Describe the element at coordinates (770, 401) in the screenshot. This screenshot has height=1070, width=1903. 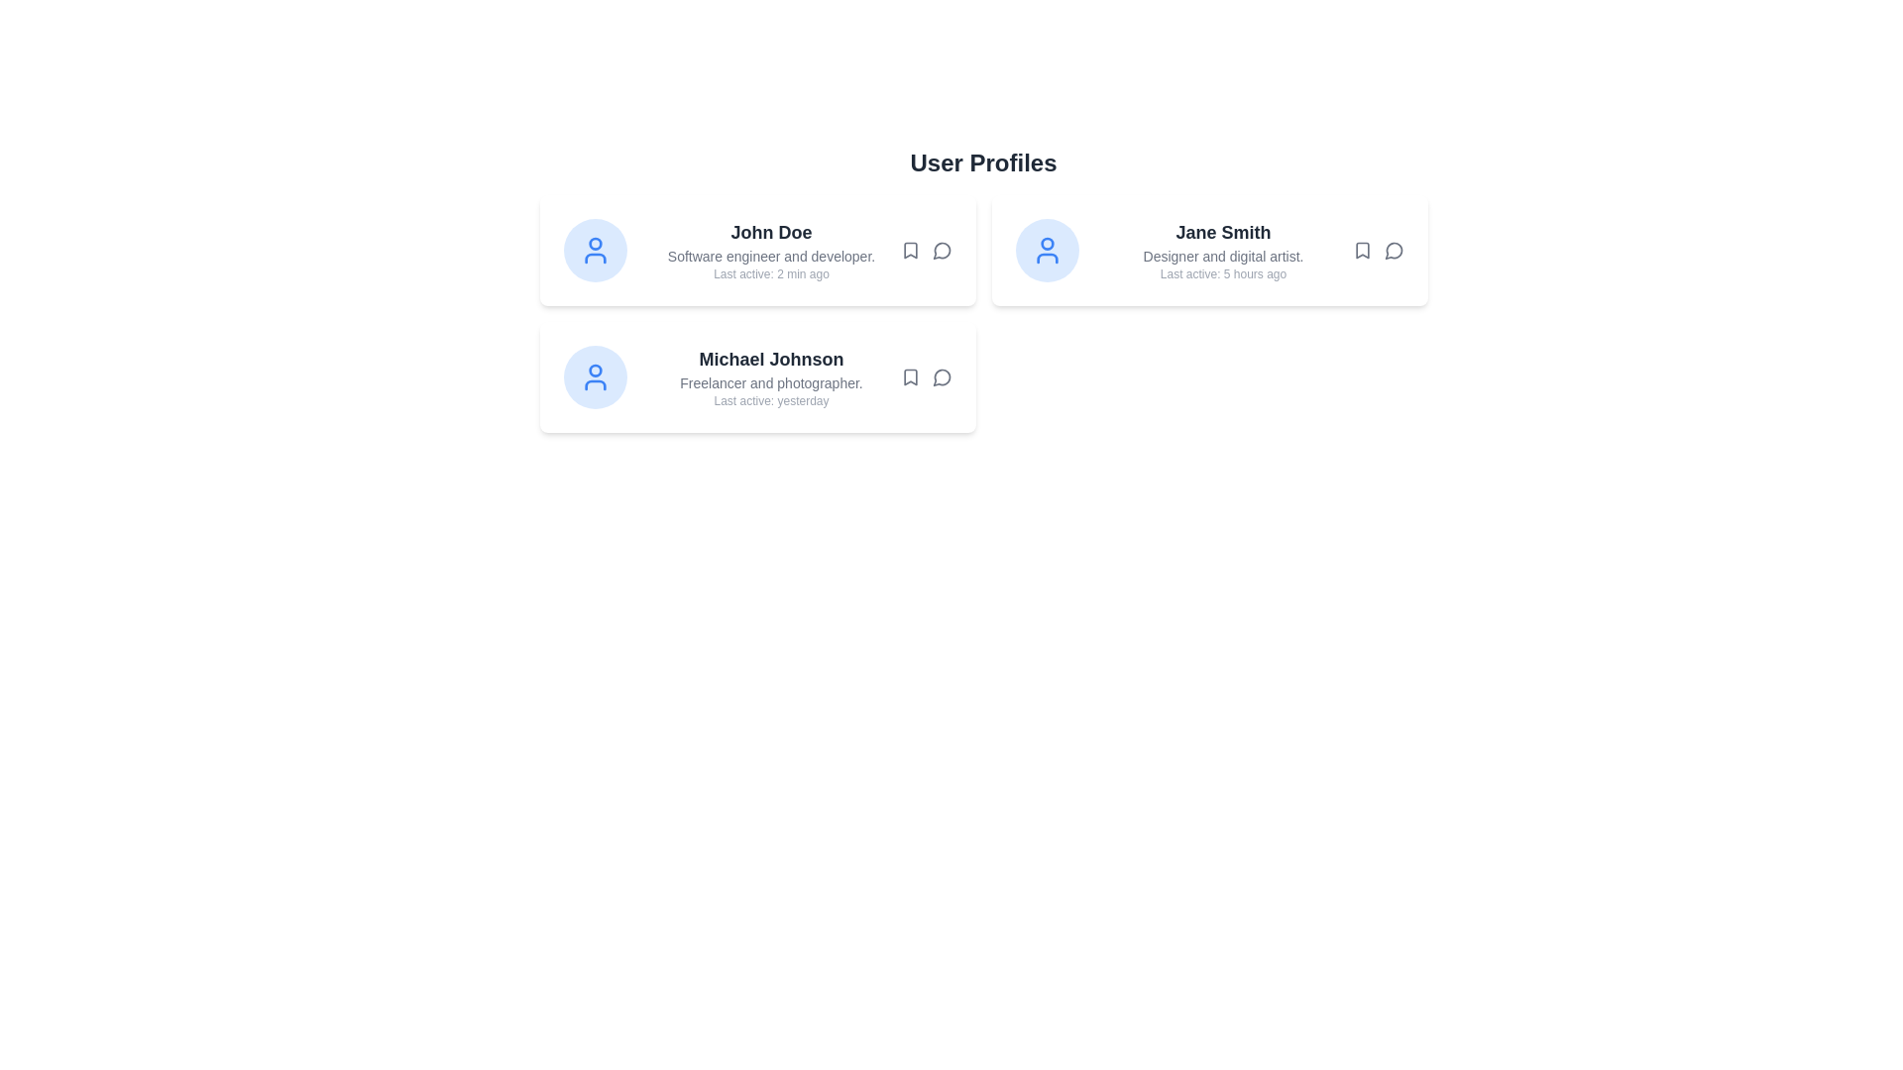
I see `the static text label displaying 'Last active: yesterday' located at the bottom of the card for individual 'Michael Johnson'` at that location.